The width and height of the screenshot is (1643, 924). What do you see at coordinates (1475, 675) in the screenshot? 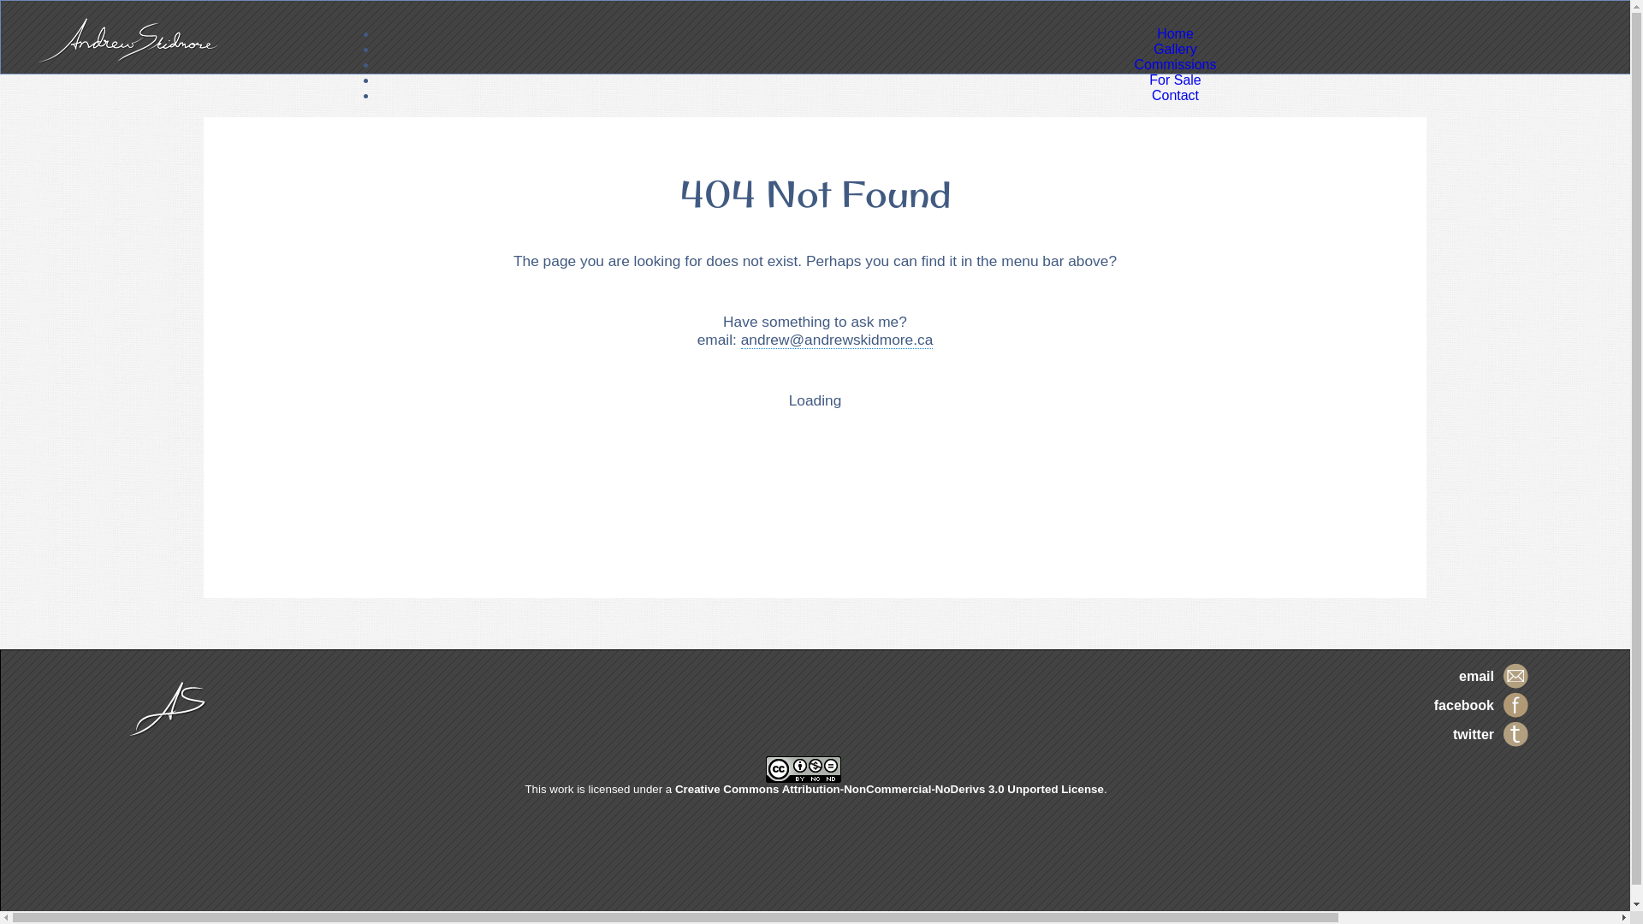
I see `'email'` at bounding box center [1475, 675].